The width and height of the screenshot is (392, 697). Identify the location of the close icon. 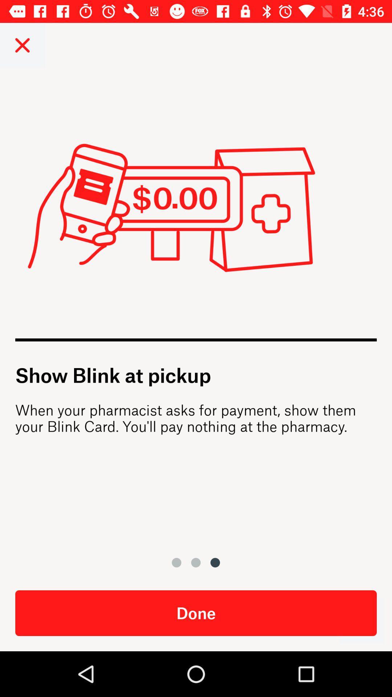
(22, 45).